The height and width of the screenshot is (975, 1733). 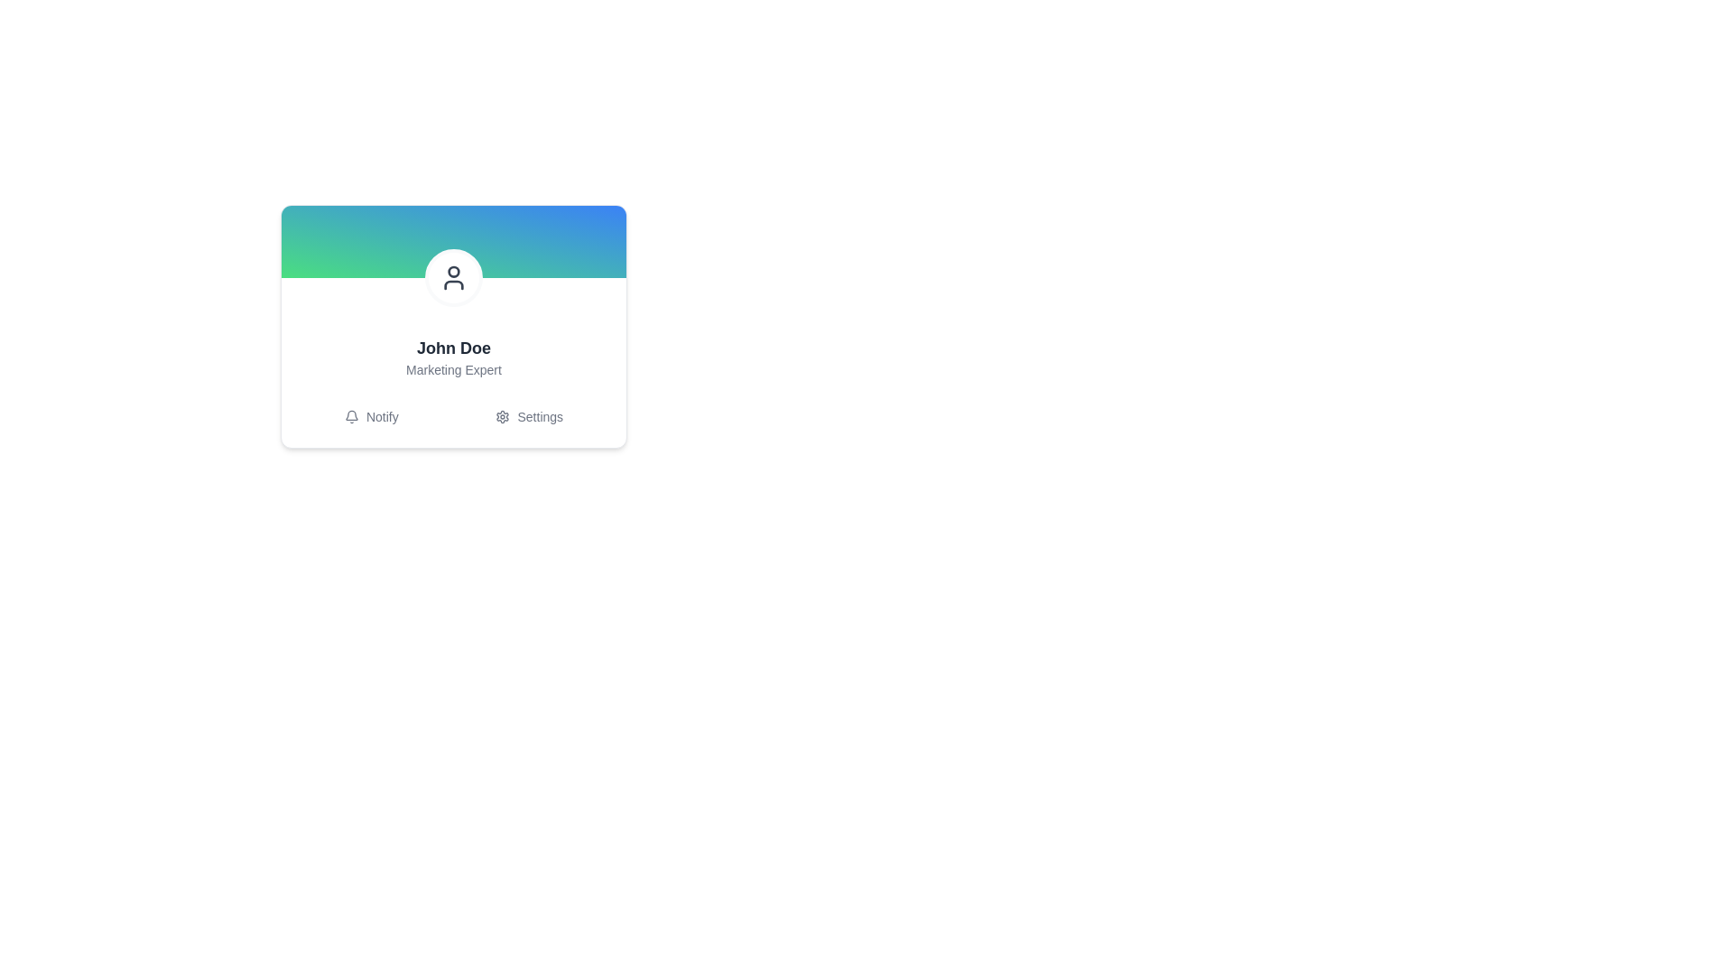 What do you see at coordinates (454, 348) in the screenshot?
I see `the label 'John Doe', which is styled in bold, large characters and is prominently displayed as the top text in a centered card layout, positioned above the 'Marketing Expert' text` at bounding box center [454, 348].